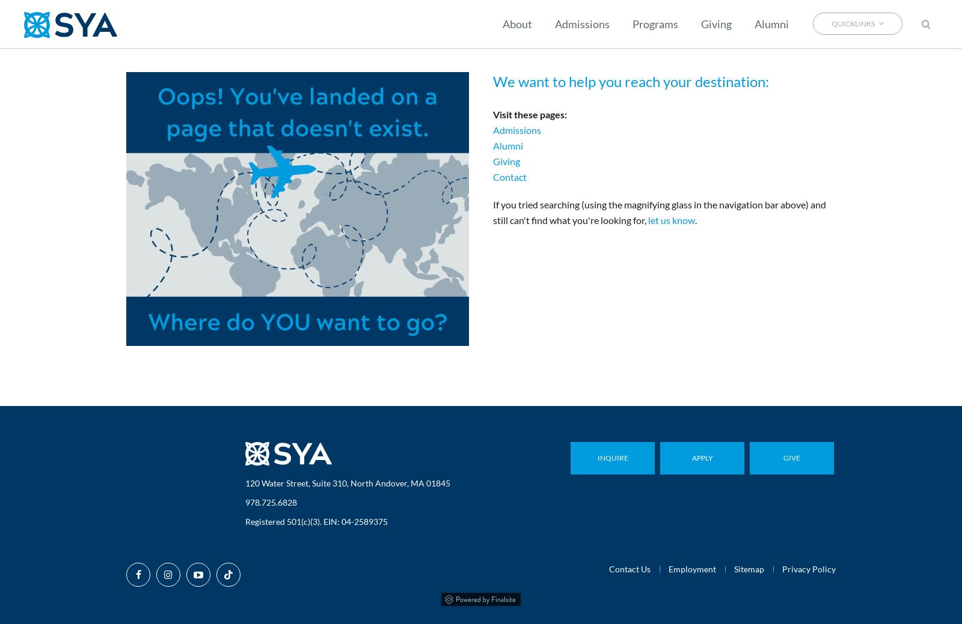 This screenshot has width=962, height=624. Describe the element at coordinates (659, 211) in the screenshot. I see `'If you tried searching (using the magnifying glass in the navigation bar above) and still can't find what you're looking for,'` at that location.